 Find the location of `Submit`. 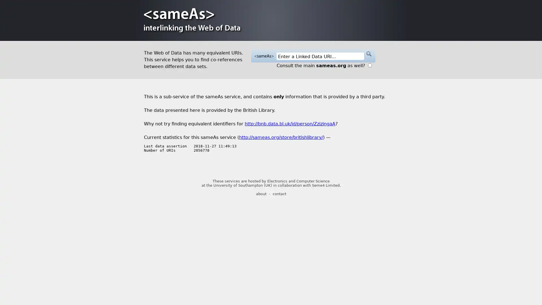

Submit is located at coordinates (368, 54).